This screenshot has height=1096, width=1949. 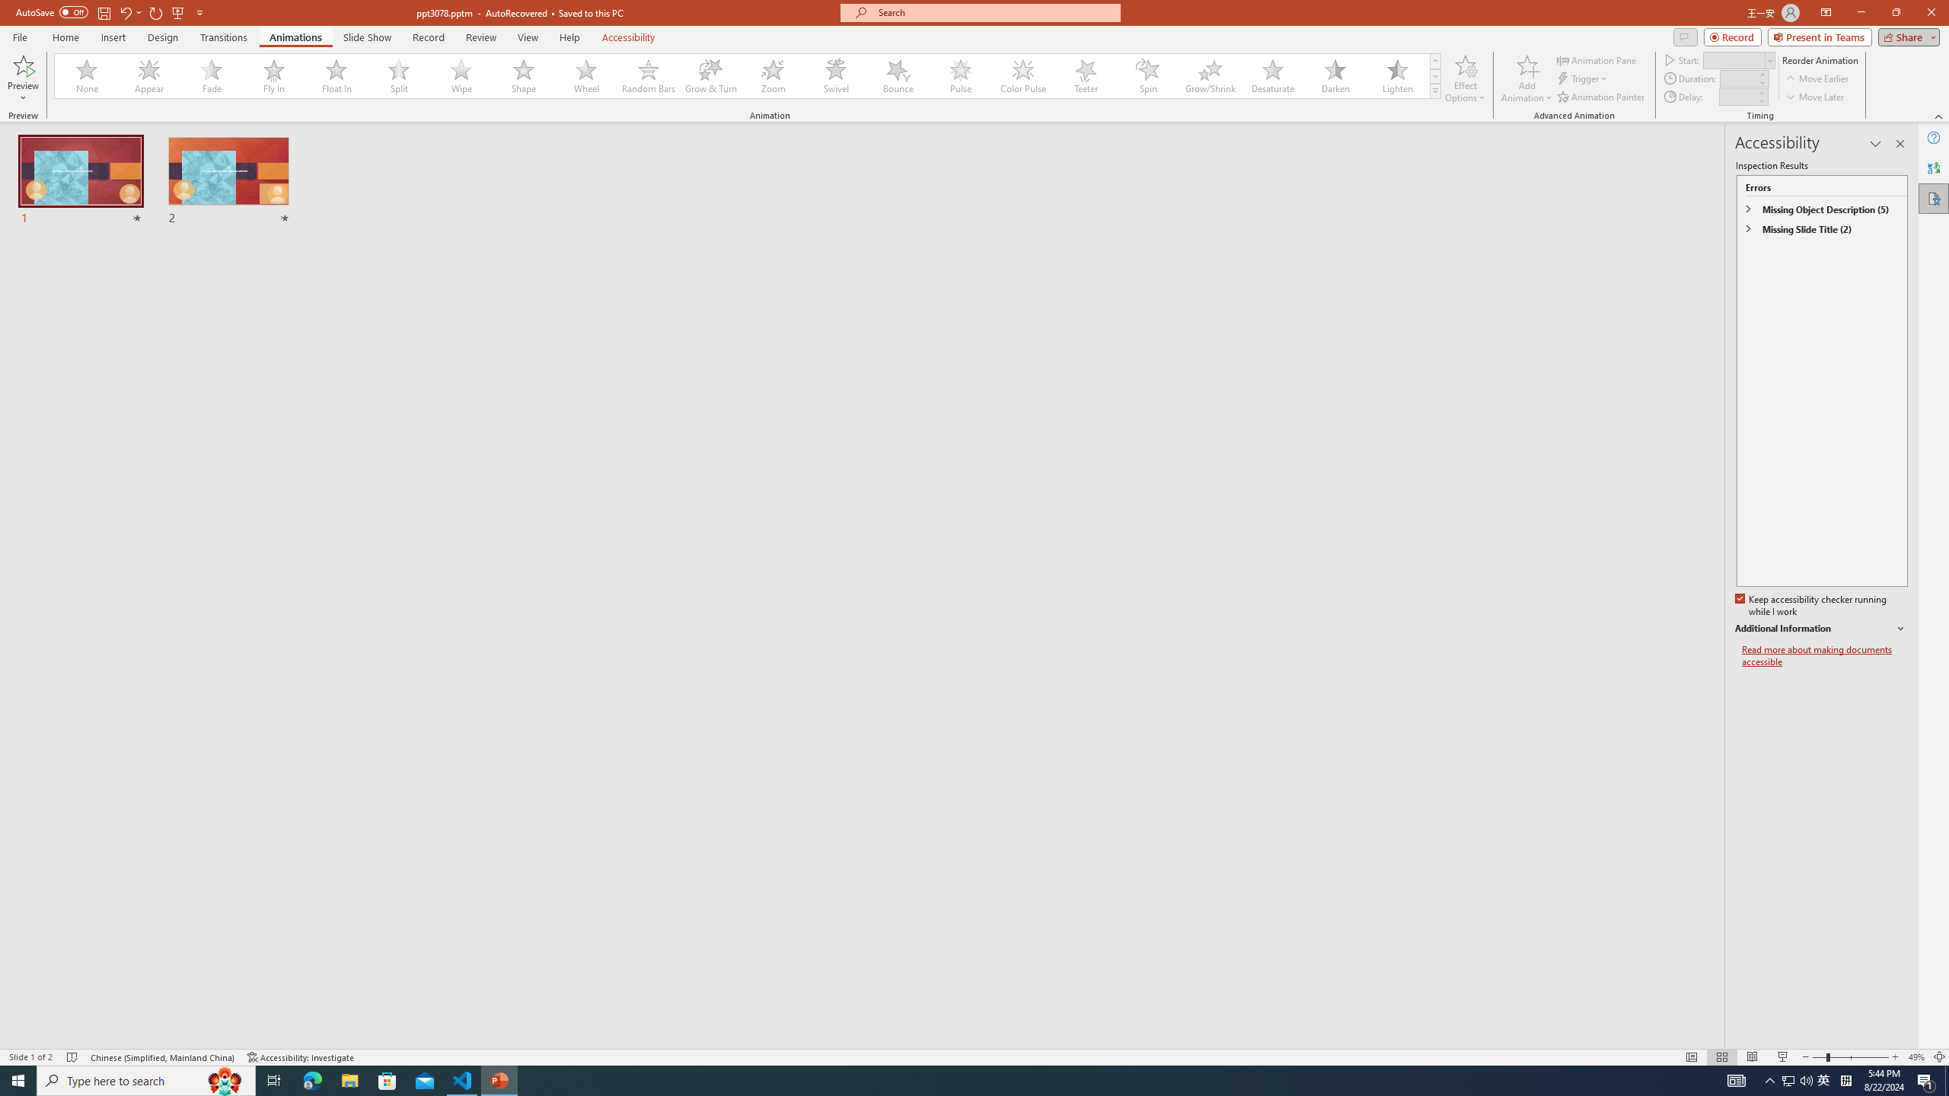 What do you see at coordinates (273, 75) in the screenshot?
I see `'Fly In'` at bounding box center [273, 75].